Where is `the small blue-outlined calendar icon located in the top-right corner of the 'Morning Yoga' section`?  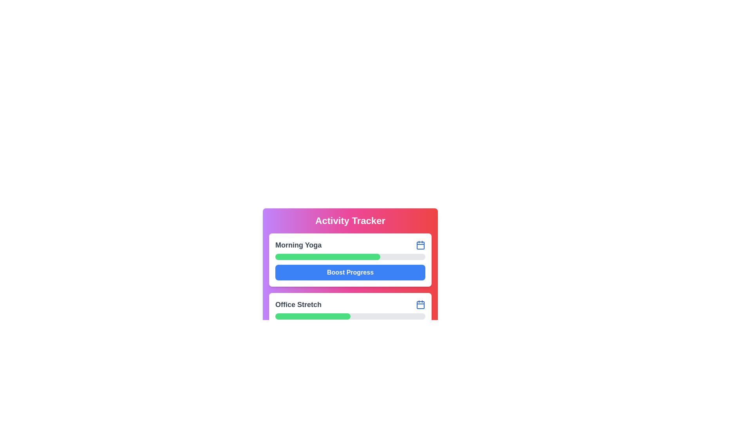
the small blue-outlined calendar icon located in the top-right corner of the 'Morning Yoga' section is located at coordinates (420, 244).